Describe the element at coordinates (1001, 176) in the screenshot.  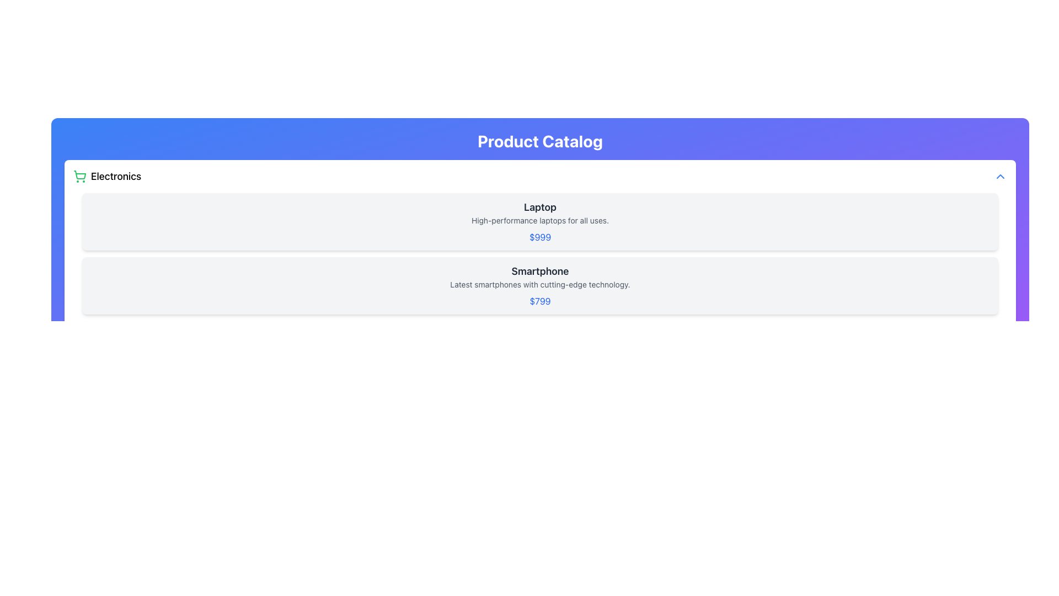
I see `the upward-pointing blue chevron icon located on the right end of the header for the 'Electronics' section` at that location.